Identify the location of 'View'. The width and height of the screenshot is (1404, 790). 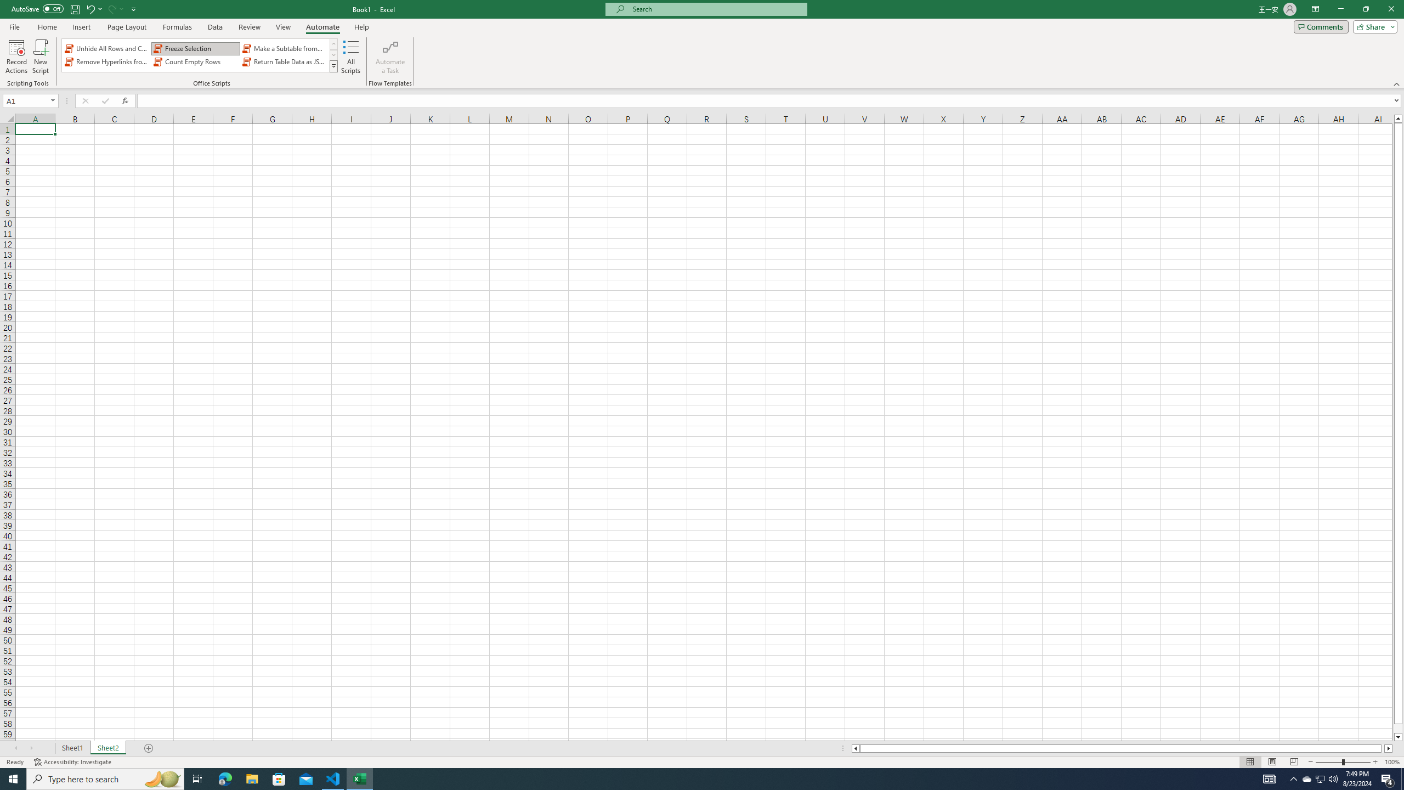
(282, 27).